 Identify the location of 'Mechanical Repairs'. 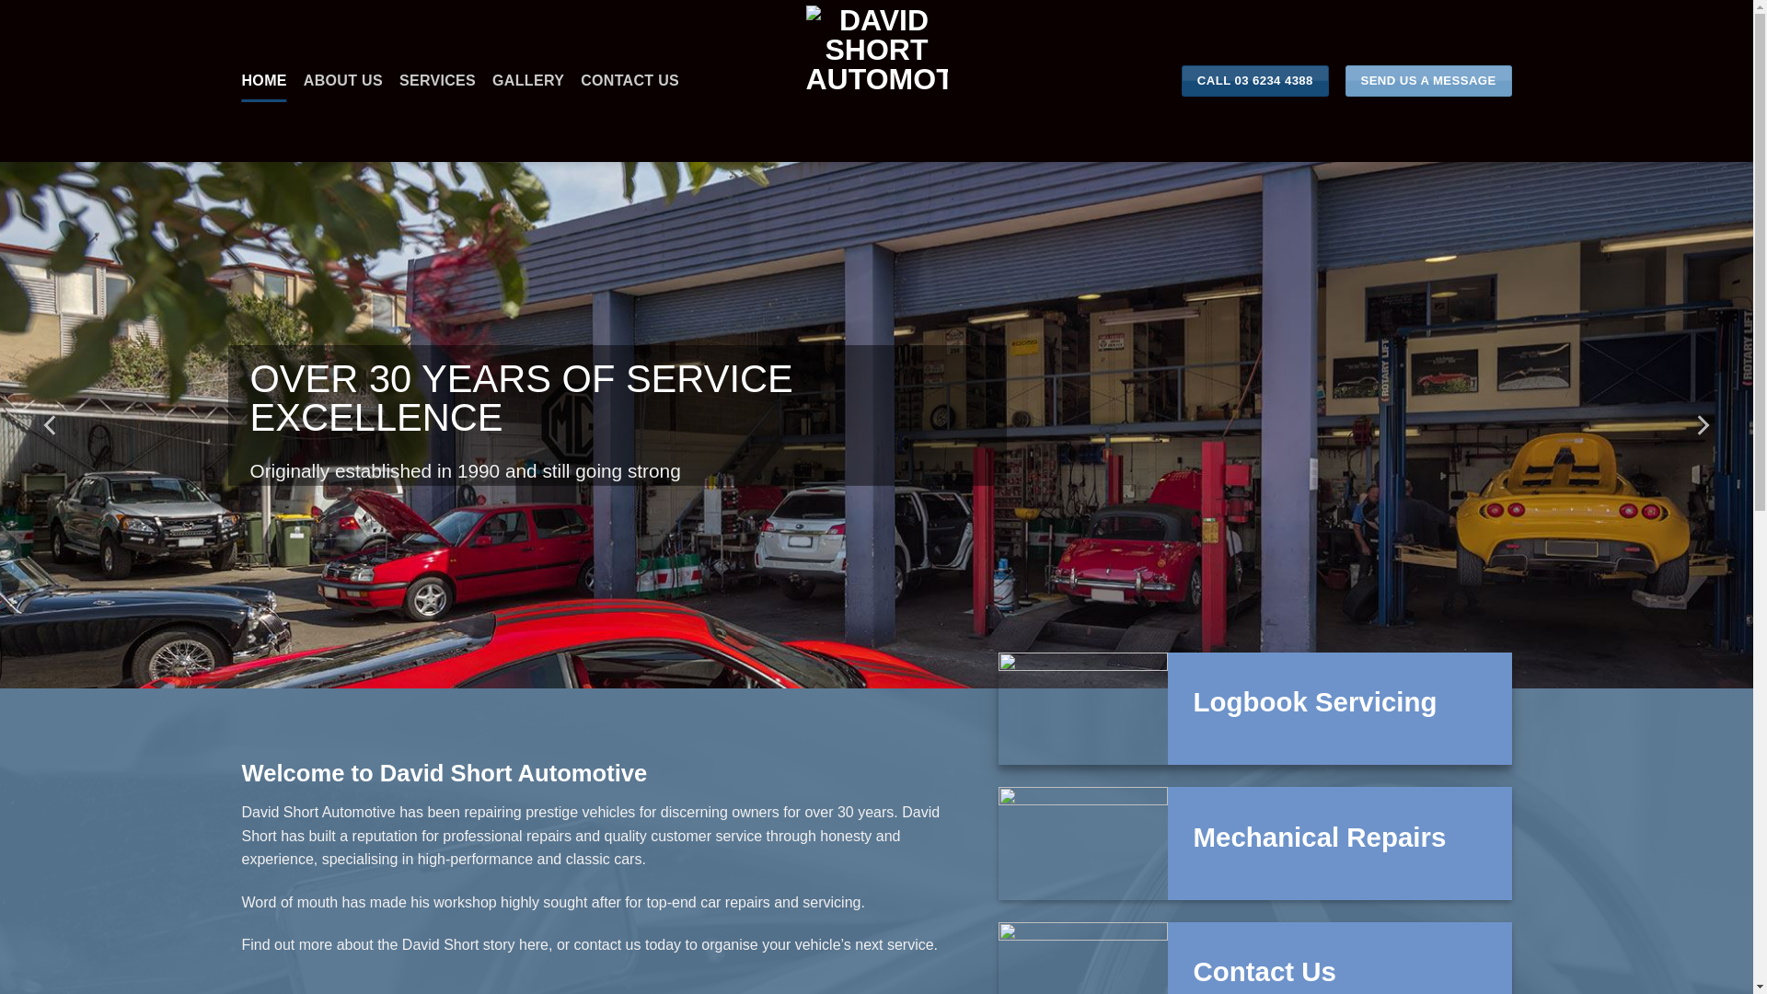
(1319, 838).